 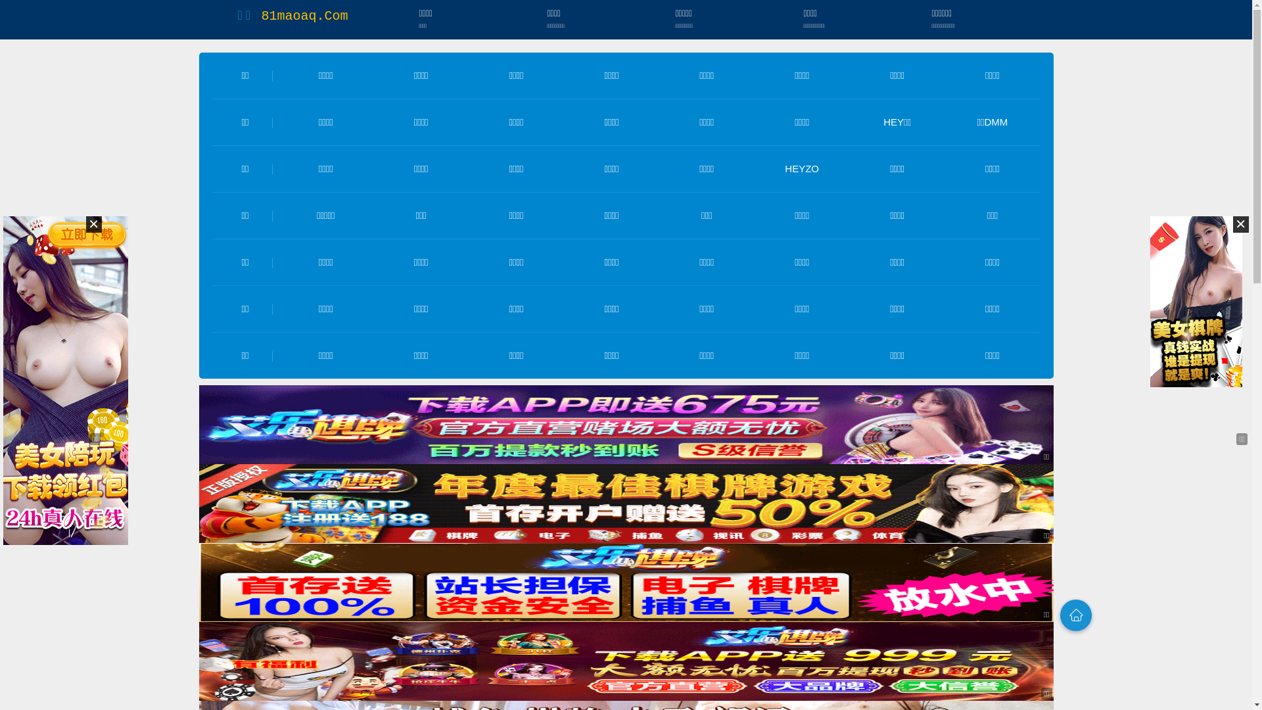 What do you see at coordinates (801, 168) in the screenshot?
I see `'HEYZO'` at bounding box center [801, 168].